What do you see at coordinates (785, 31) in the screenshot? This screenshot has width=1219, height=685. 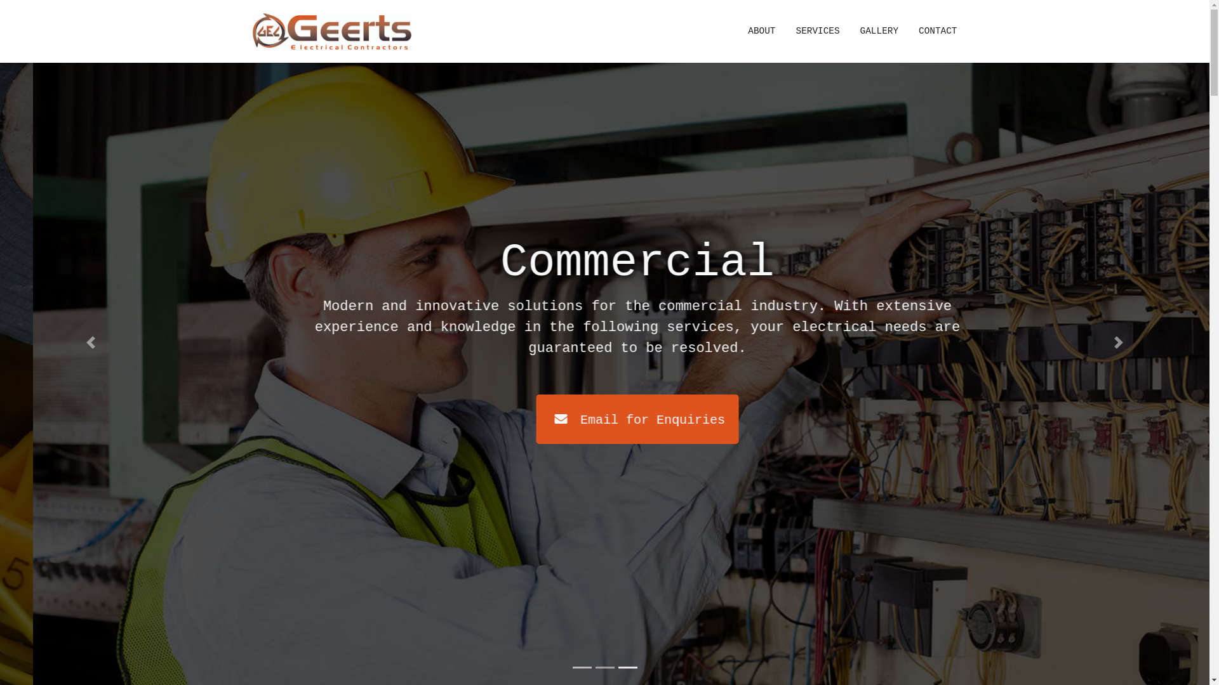 I see `'SERVICES'` at bounding box center [785, 31].